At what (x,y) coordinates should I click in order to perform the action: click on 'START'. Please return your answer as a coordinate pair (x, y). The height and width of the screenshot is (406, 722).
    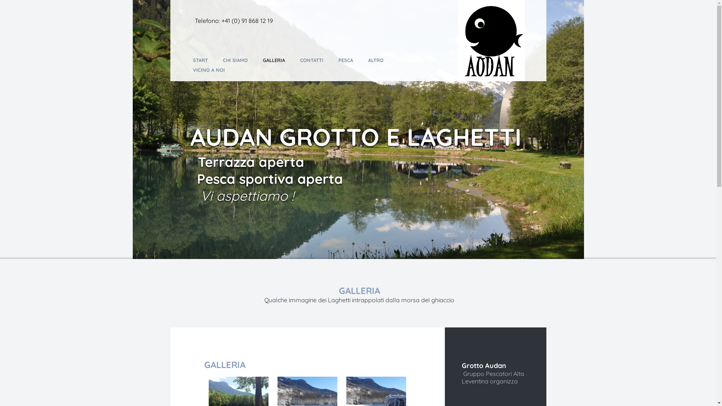
    Looking at the image, I should click on (203, 59).